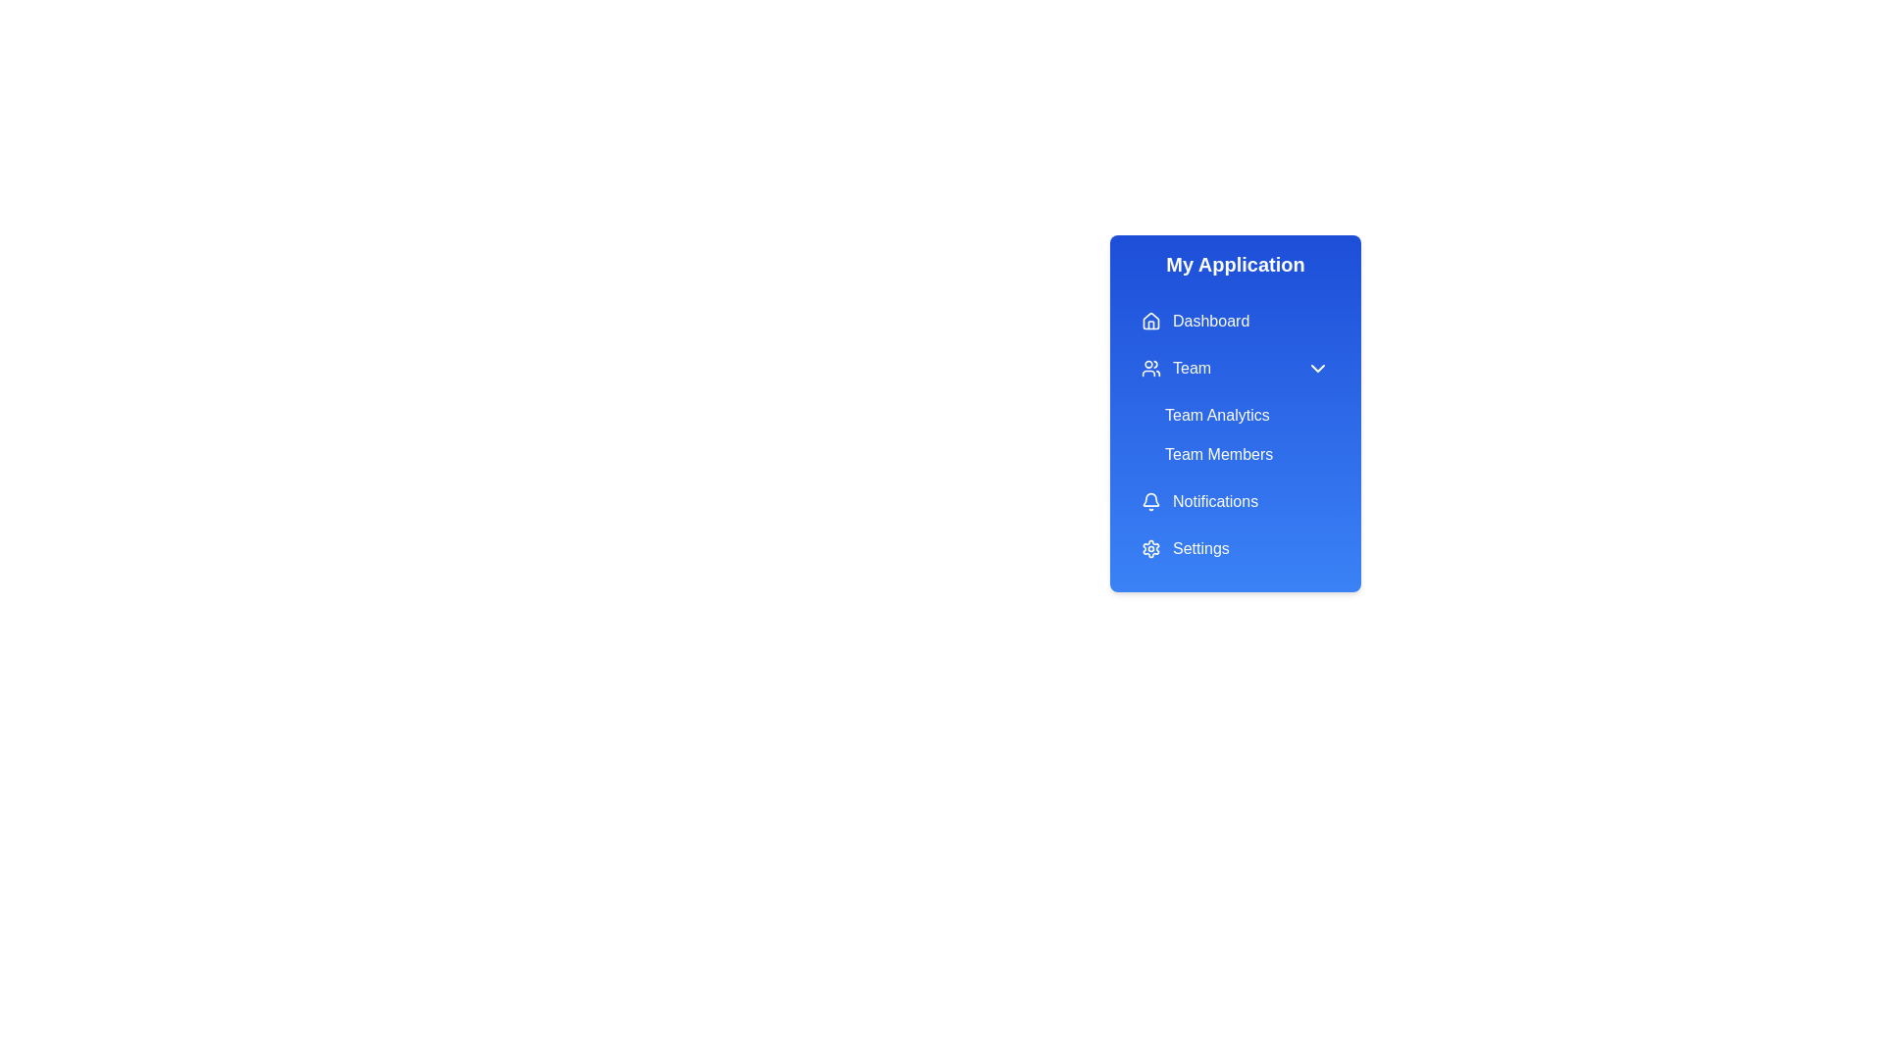 The image size is (1883, 1059). Describe the element at coordinates (1234, 411) in the screenshot. I see `text from the multiline text label that provides navigation options for 'Team Analytics' and 'Team Members' within the dropdown menu labeled 'Team', located directly below the 'Team' label and above the 'Notifications' menu item` at that location.